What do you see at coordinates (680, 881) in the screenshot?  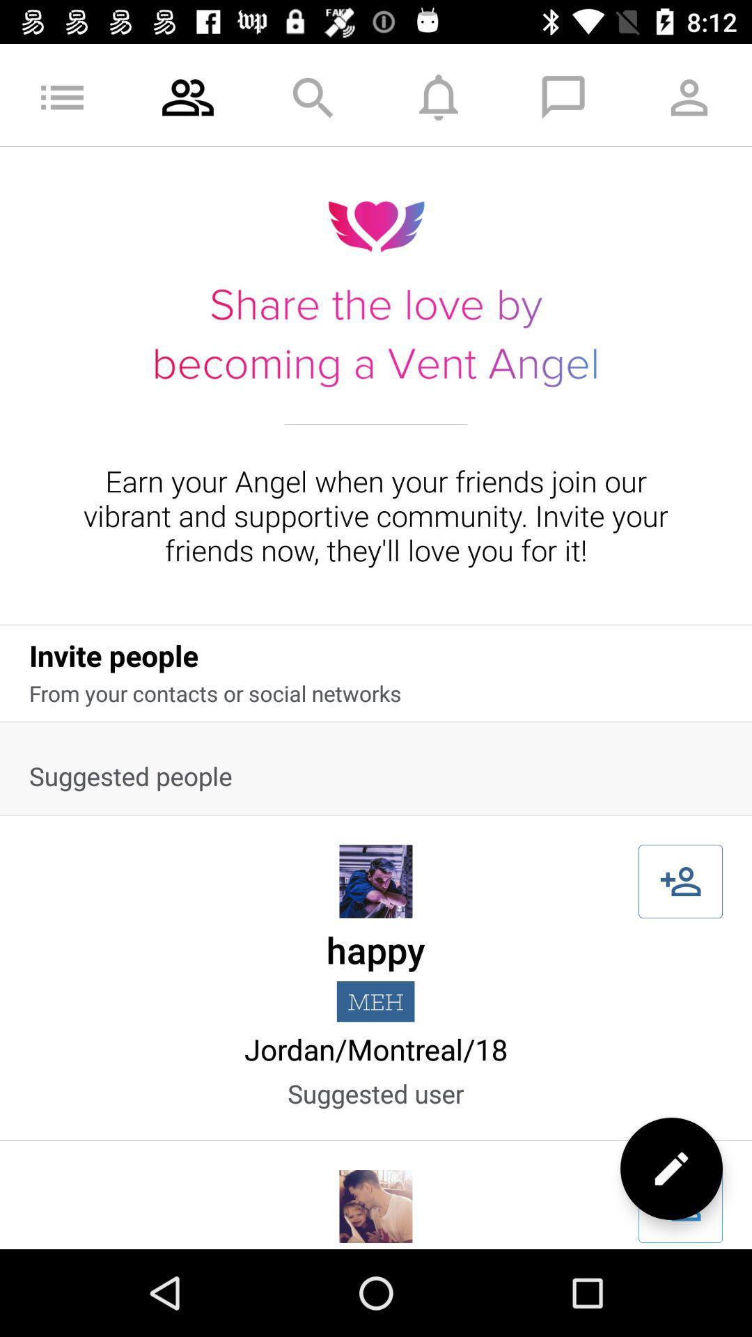 I see `user` at bounding box center [680, 881].